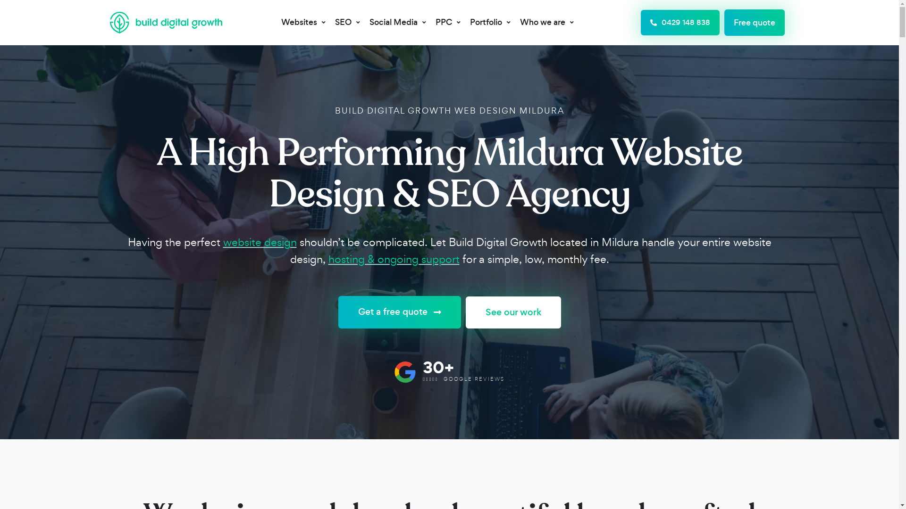 Image resolution: width=906 pixels, height=509 pixels. Describe the element at coordinates (474, 378) in the screenshot. I see `'GOOGLE REVIEWS'` at that location.